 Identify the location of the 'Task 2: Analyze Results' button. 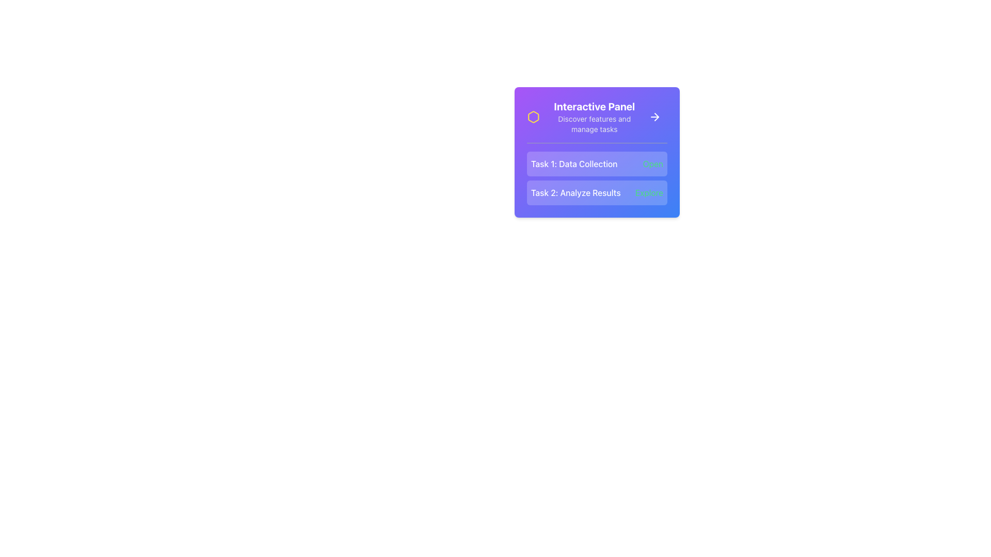
(597, 193).